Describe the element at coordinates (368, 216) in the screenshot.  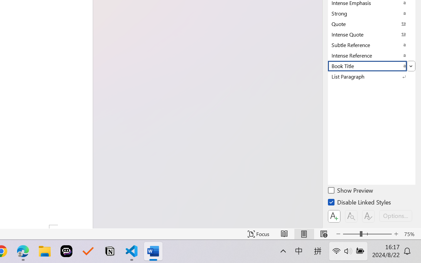
I see `'Class: NetUIButton'` at that location.